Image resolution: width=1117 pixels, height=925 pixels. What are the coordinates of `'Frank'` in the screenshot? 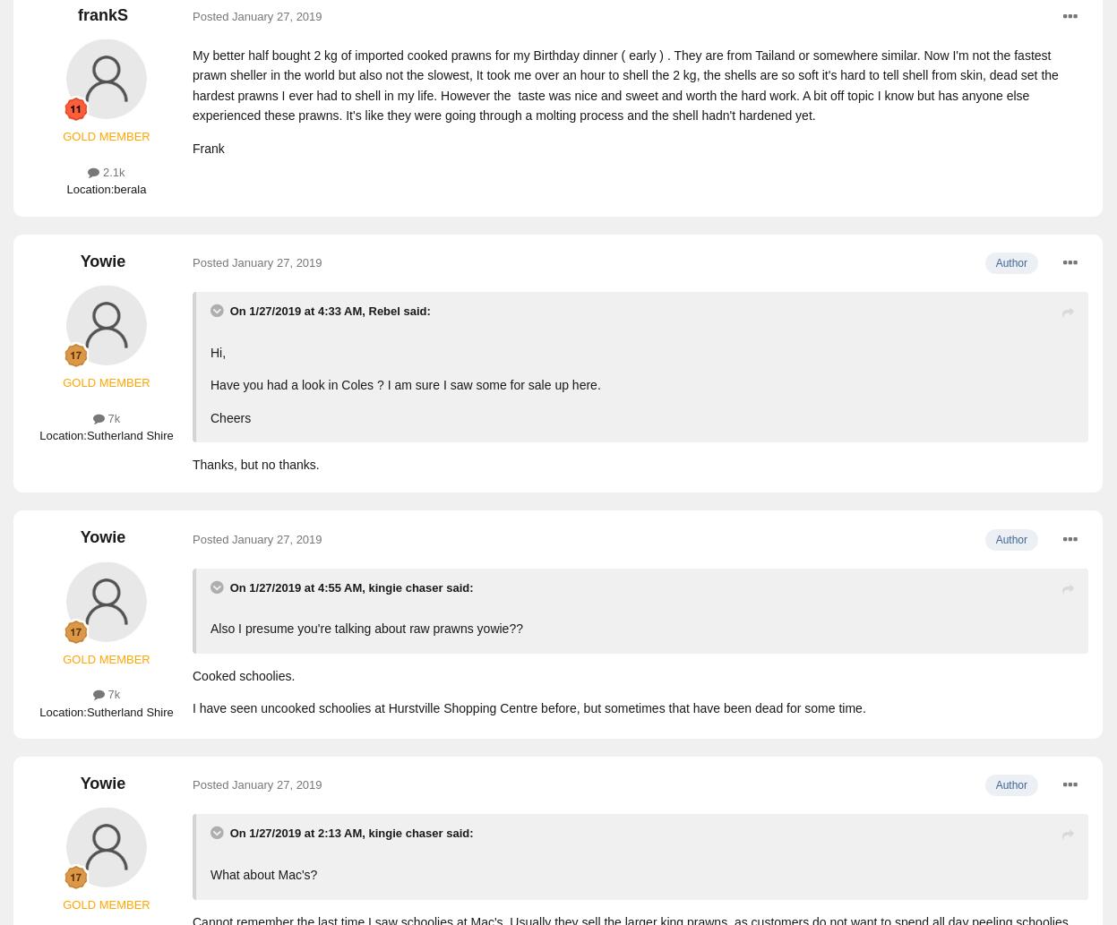 It's located at (208, 147).